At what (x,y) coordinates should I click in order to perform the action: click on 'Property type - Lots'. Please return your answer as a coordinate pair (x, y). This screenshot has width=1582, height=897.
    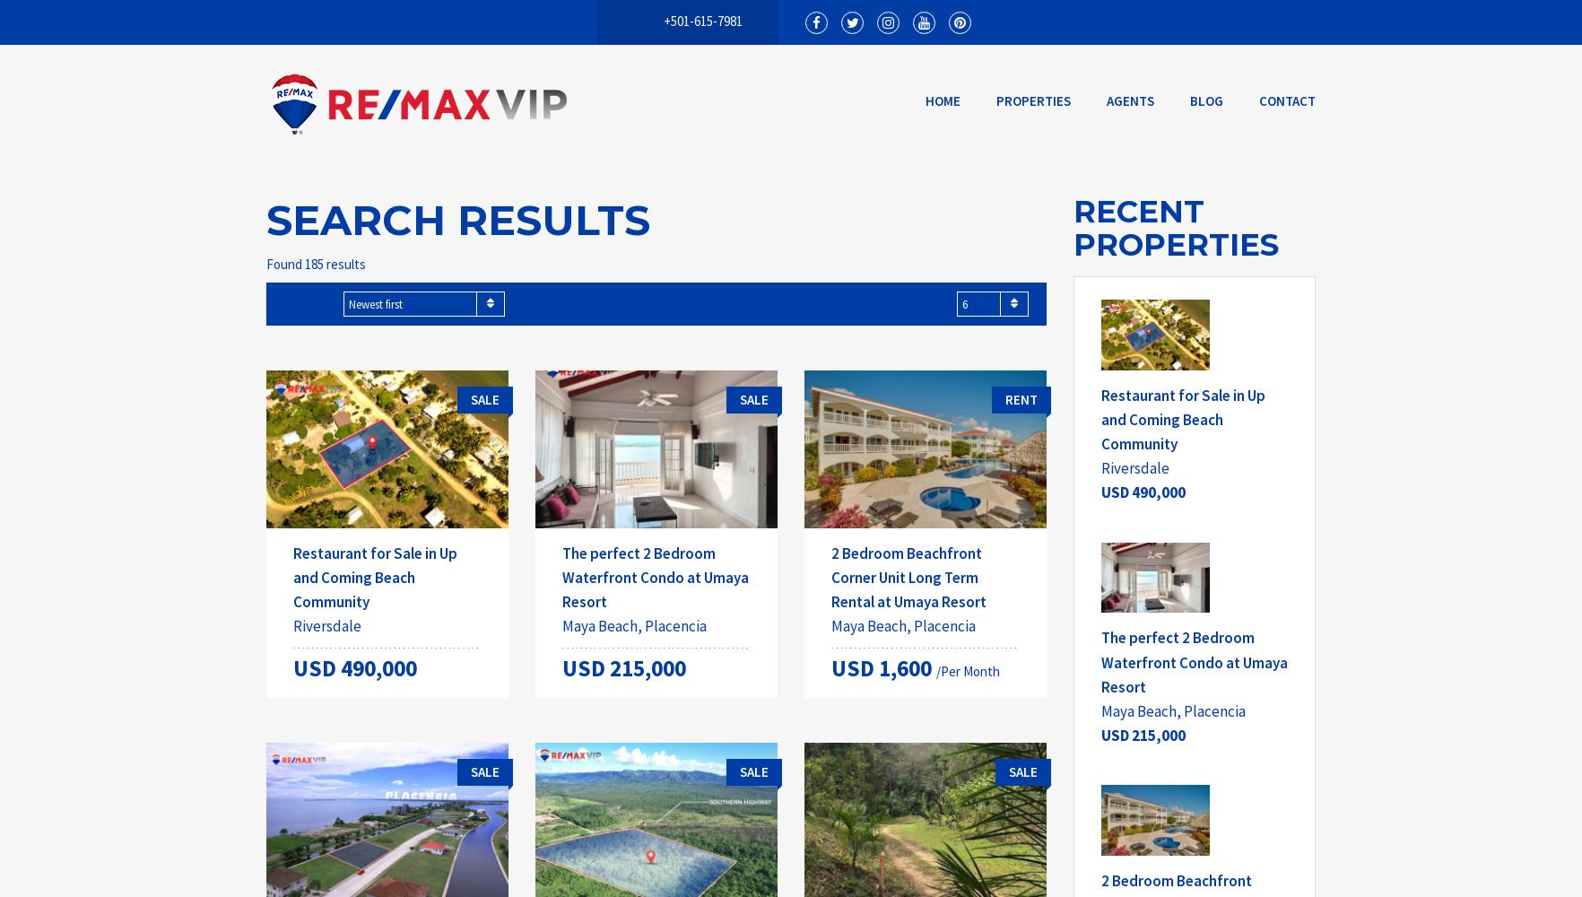
    Looking at the image, I should click on (353, 882).